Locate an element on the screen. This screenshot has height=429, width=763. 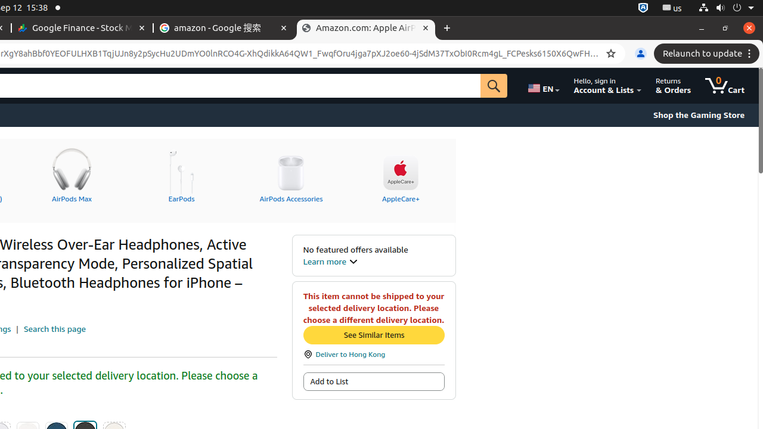
'Add to List' is located at coordinates (373, 381).